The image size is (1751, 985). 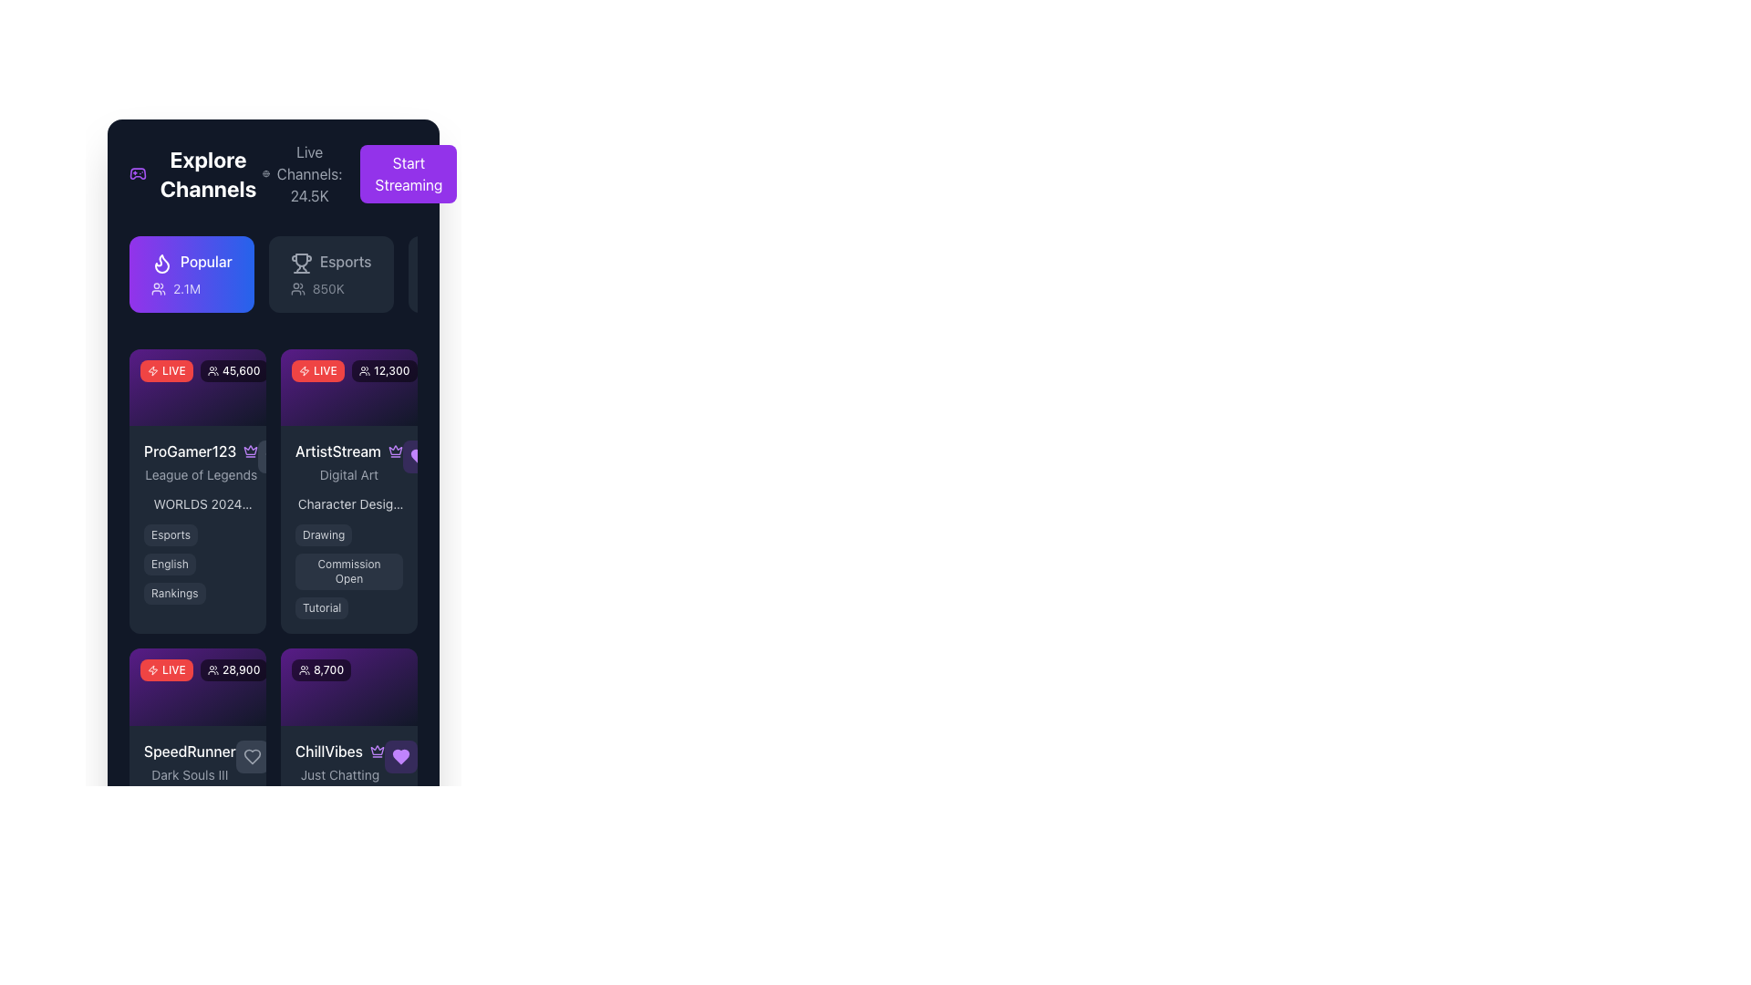 What do you see at coordinates (153, 370) in the screenshot?
I see `the small lightning-like icon located at the top-right of the section under the purple 'Popular' header` at bounding box center [153, 370].